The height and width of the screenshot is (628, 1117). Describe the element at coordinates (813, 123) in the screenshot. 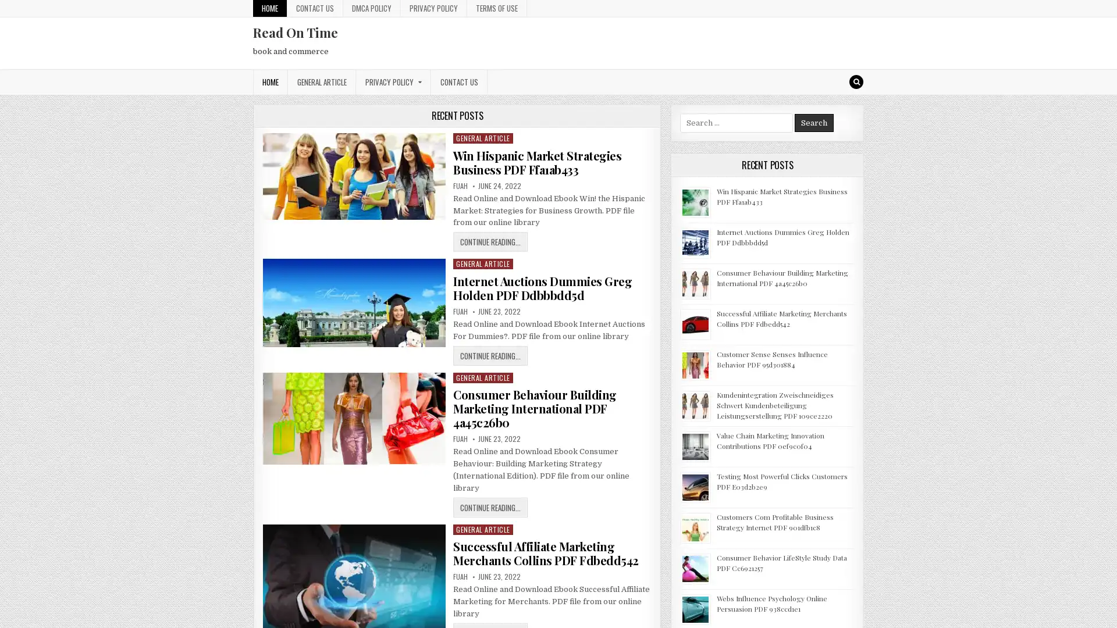

I see `Search` at that location.